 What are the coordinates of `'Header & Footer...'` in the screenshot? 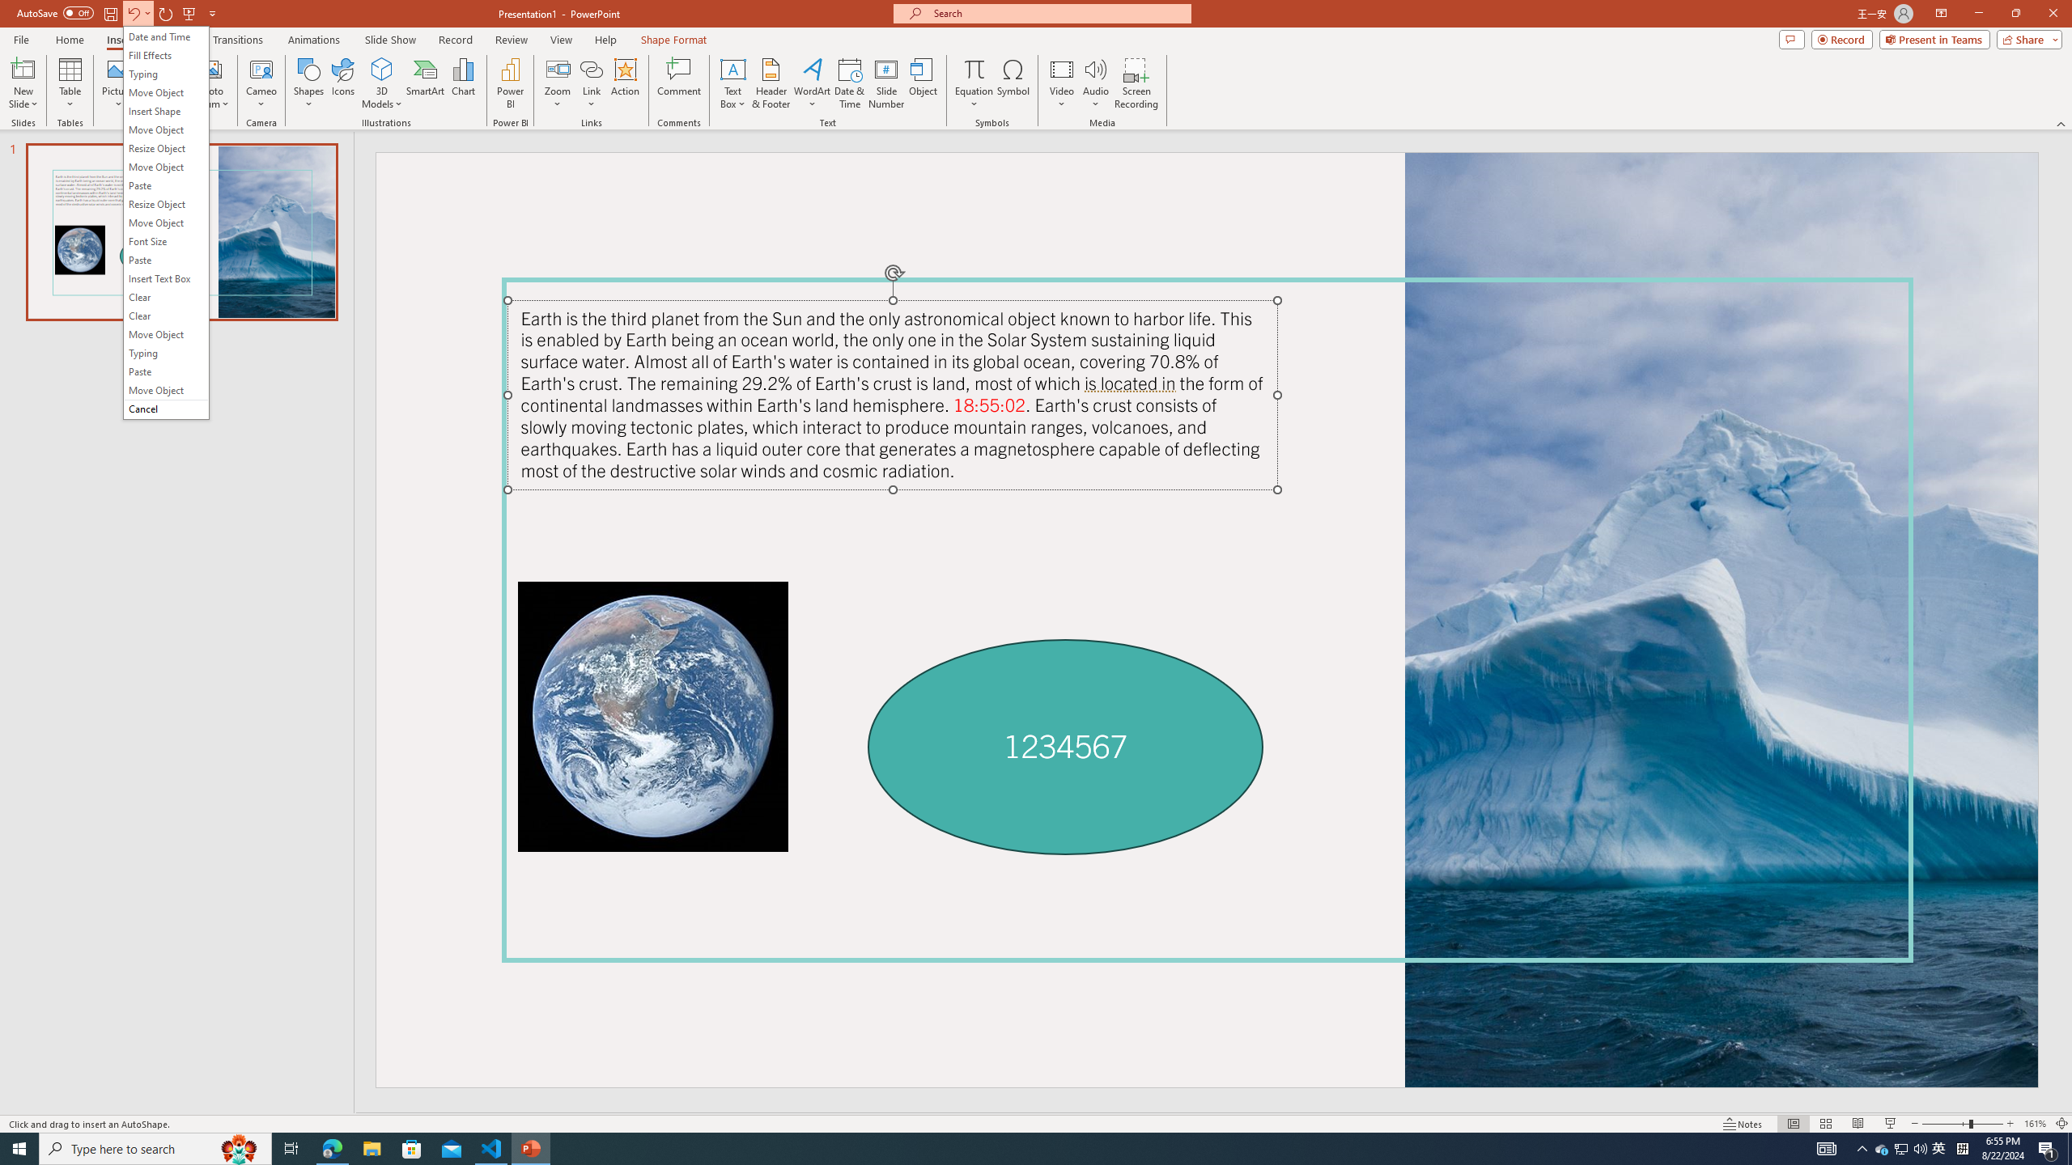 It's located at (770, 83).